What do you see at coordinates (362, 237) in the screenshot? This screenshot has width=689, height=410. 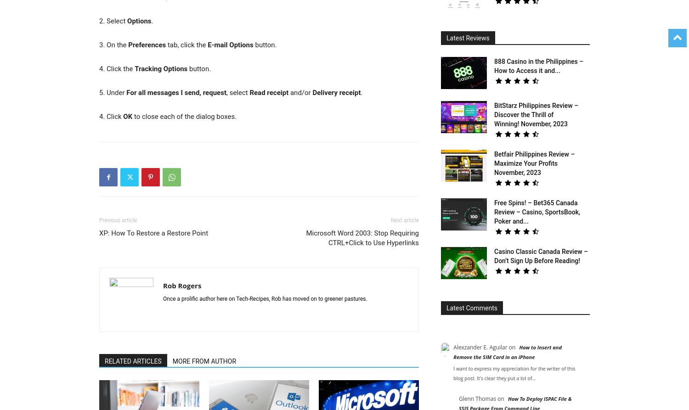 I see `'Microsoft Word 2003:  Stop Requiring CTRL+Click to Use Hyperlinks'` at bounding box center [362, 237].